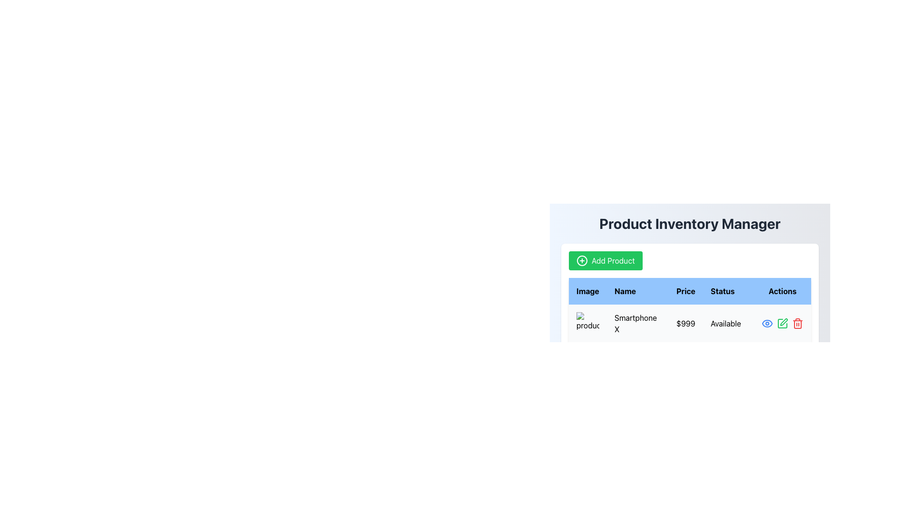  I want to click on the delete icon button located in the 'Actions' column of the table, positioned at the rightmost side adjacent, so click(797, 323).